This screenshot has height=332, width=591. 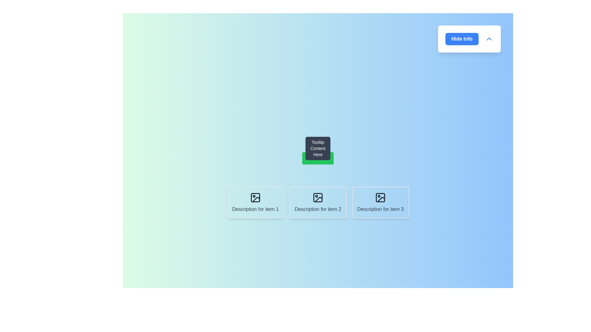 What do you see at coordinates (318, 198) in the screenshot?
I see `the decorative Image icon located in the second section of a horizontally aligned group of three items, directly above the text 'Description for item 2'` at bounding box center [318, 198].